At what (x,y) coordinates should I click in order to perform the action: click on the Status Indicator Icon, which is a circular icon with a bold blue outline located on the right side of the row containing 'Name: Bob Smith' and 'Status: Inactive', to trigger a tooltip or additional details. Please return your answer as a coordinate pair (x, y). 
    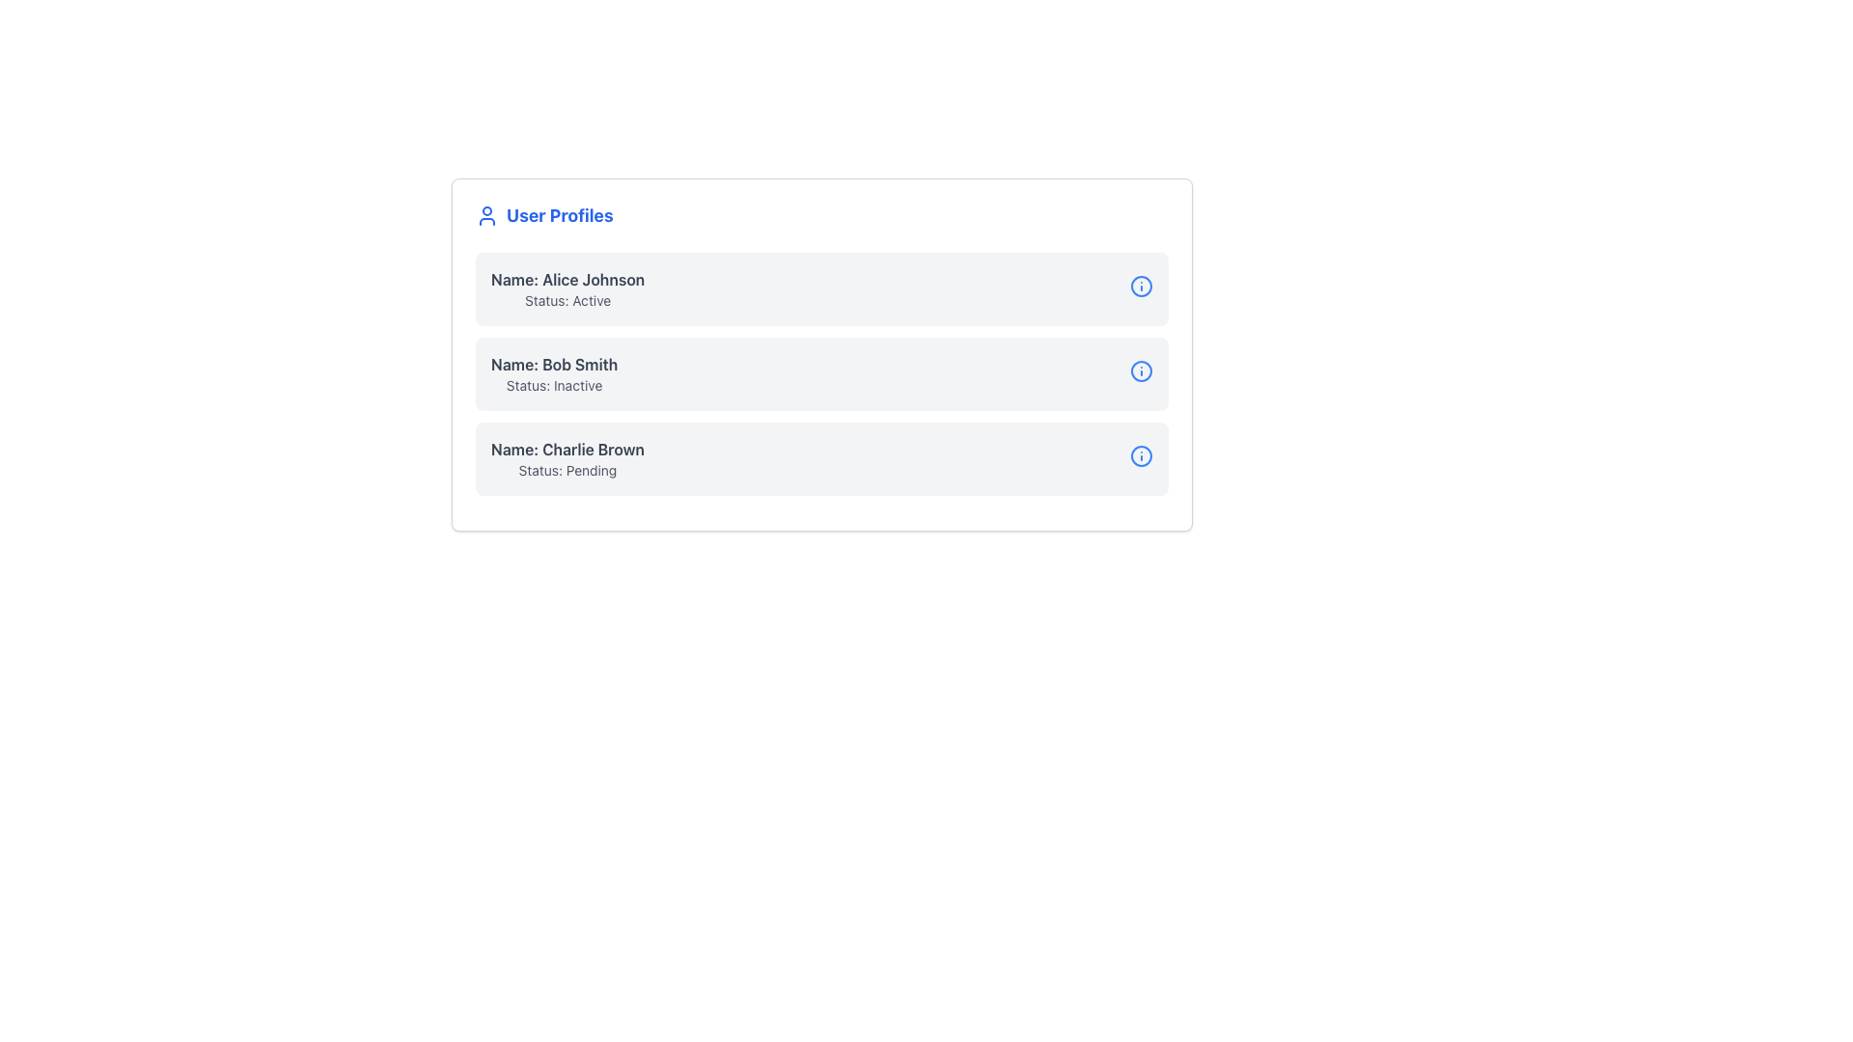
    Looking at the image, I should click on (1141, 374).